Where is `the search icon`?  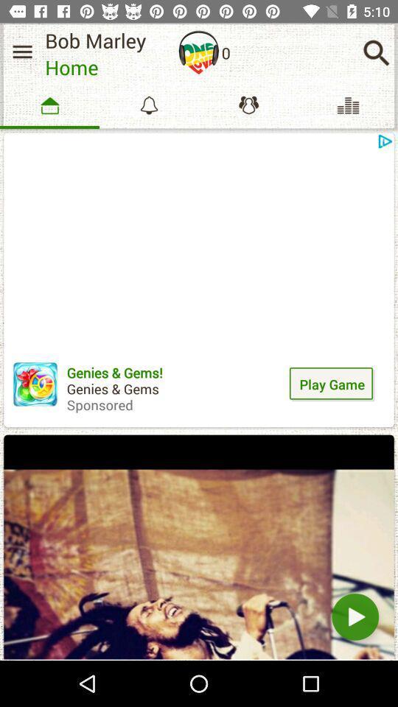 the search icon is located at coordinates (376, 52).